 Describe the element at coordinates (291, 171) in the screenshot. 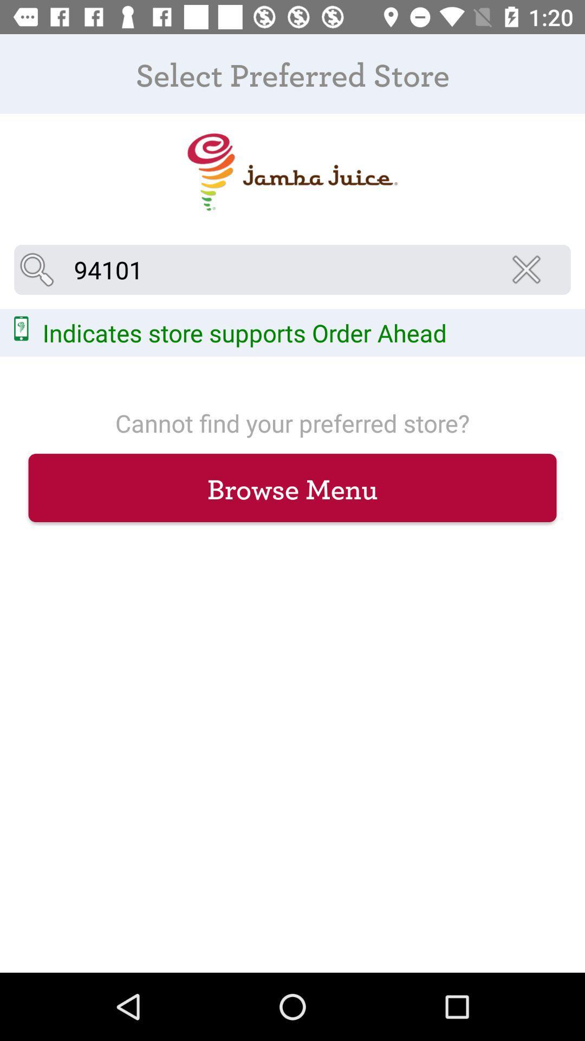

I see `the item above 94101` at that location.